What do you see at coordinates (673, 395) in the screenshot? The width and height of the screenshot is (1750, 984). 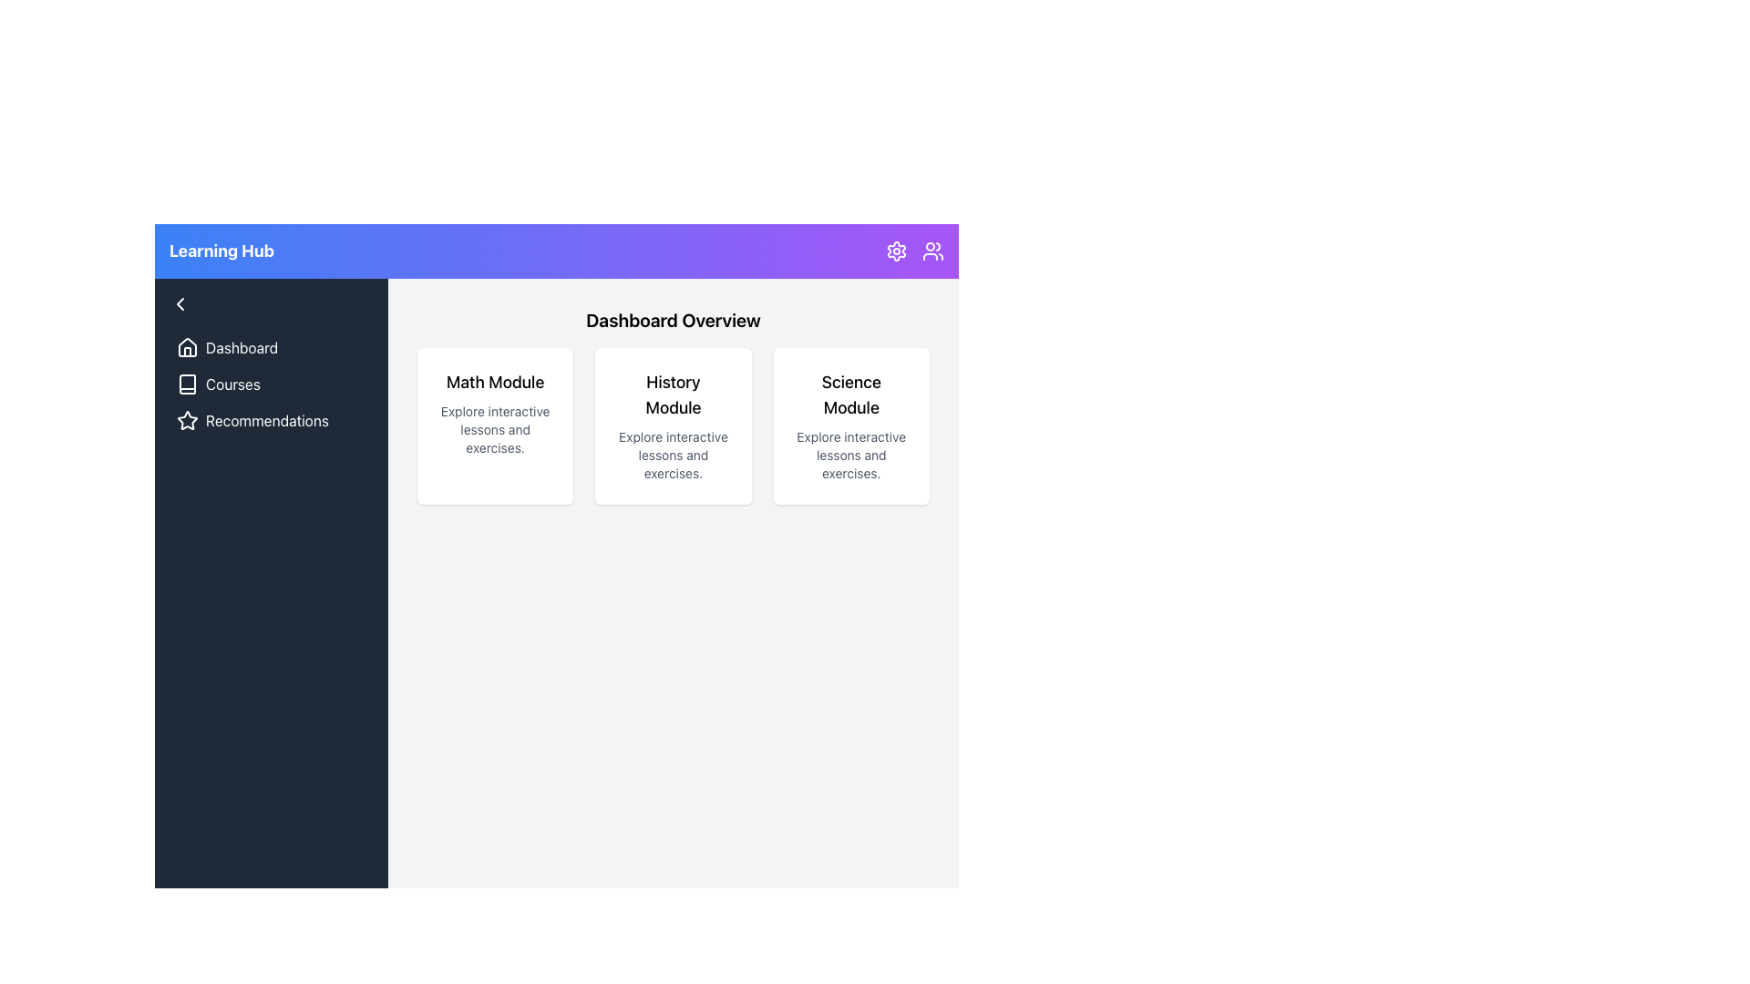 I see `text of the heading located at the center of the second card in the 'Dashboard Overview' section` at bounding box center [673, 395].